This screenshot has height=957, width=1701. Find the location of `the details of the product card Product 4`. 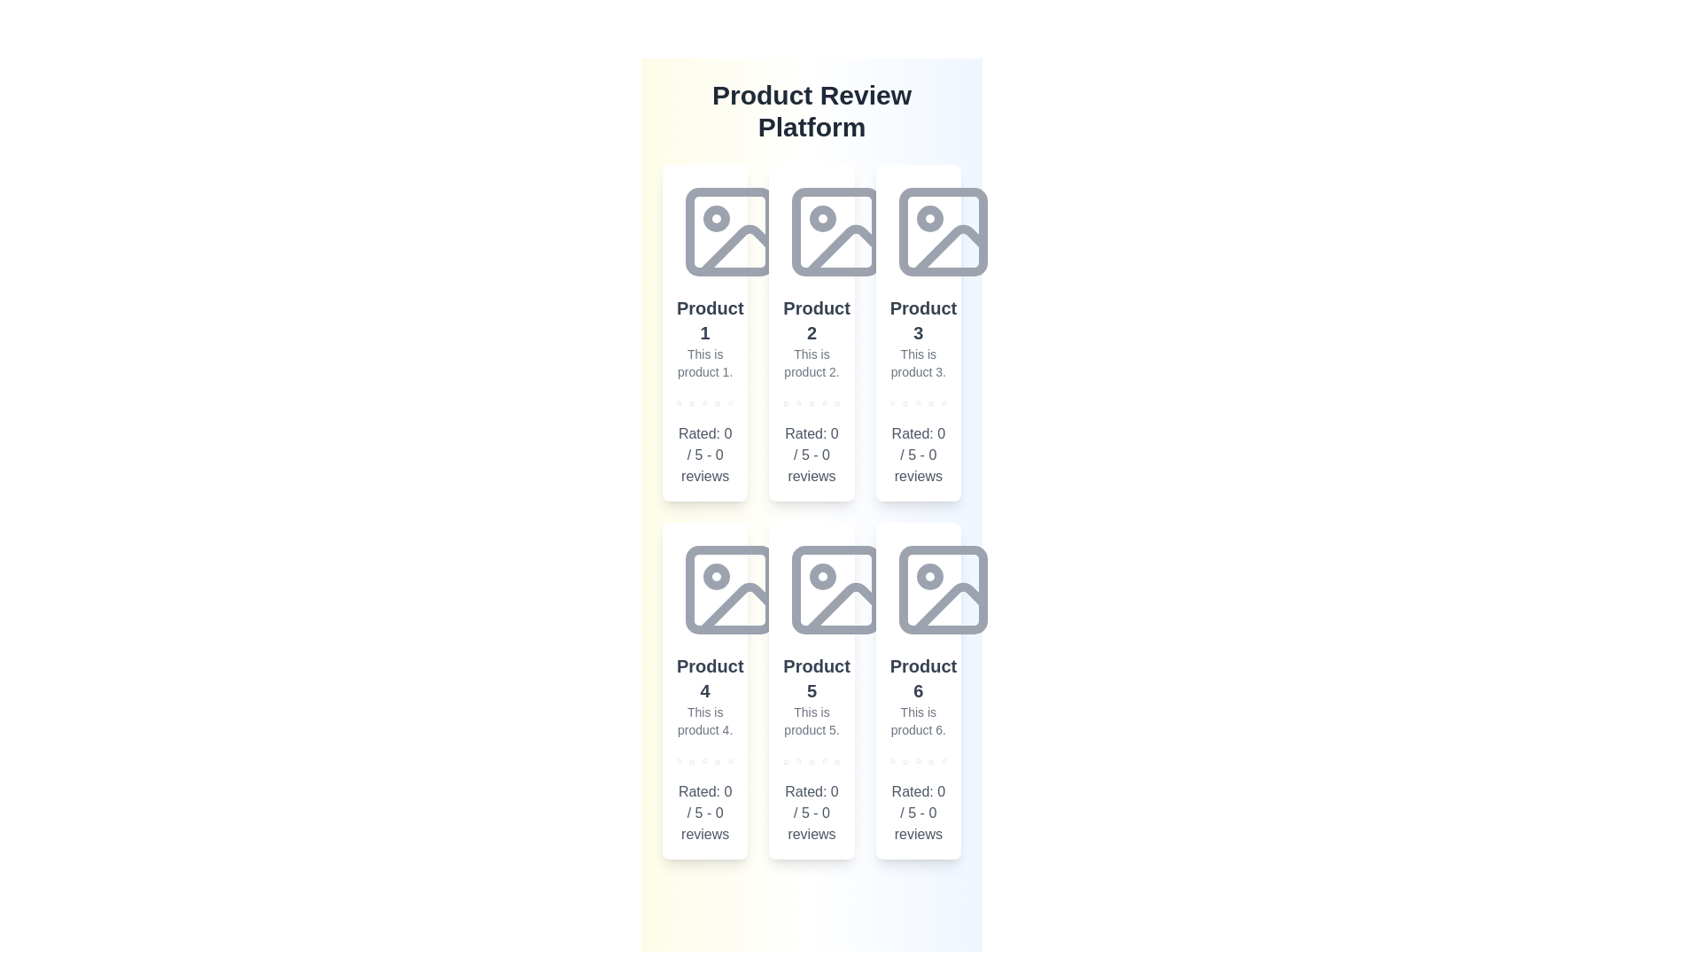

the details of the product card Product 4 is located at coordinates (704, 689).